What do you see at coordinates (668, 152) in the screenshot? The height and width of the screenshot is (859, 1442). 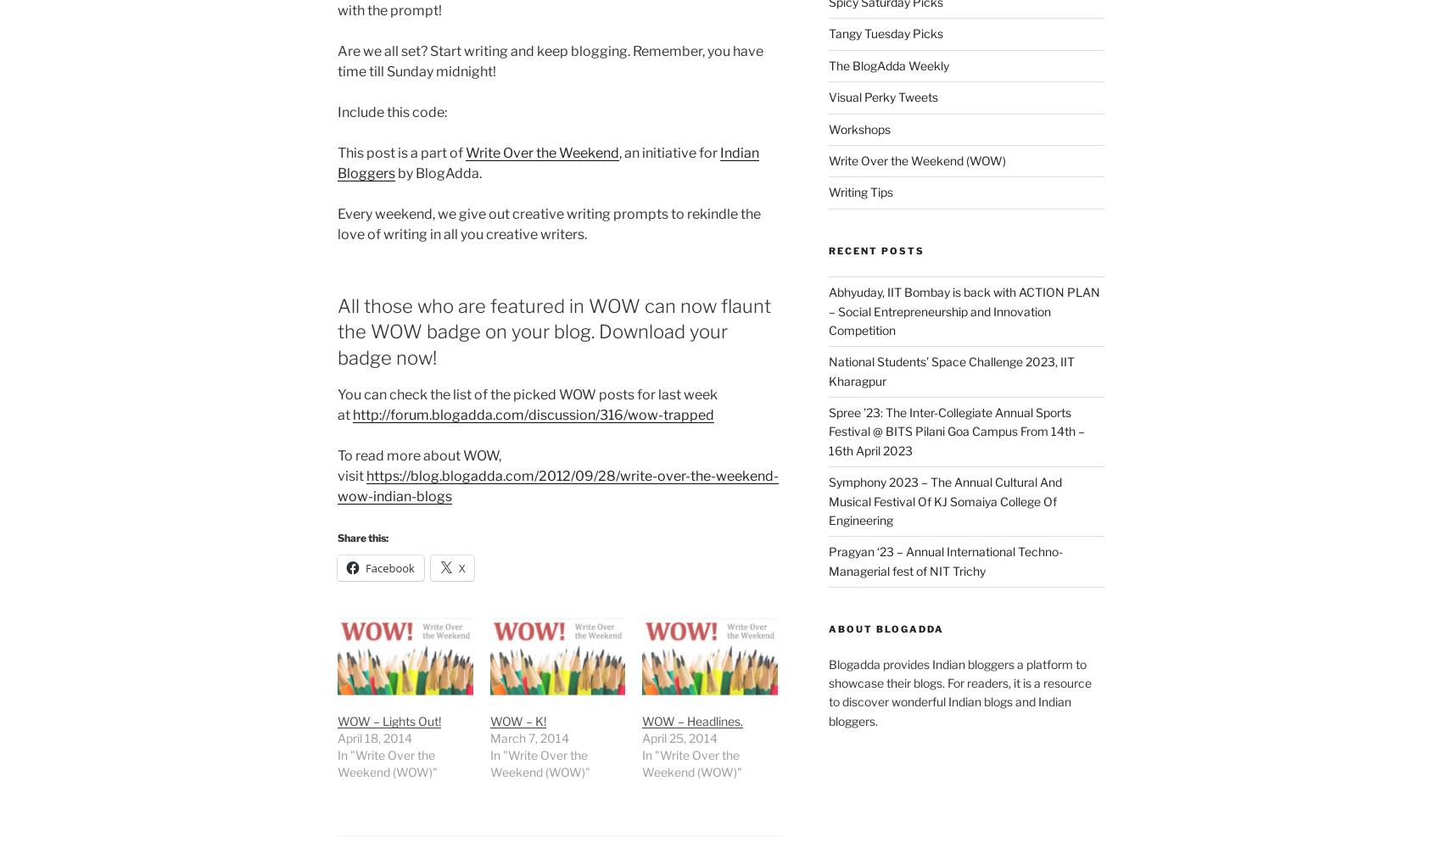 I see `', an initiative for'` at bounding box center [668, 152].